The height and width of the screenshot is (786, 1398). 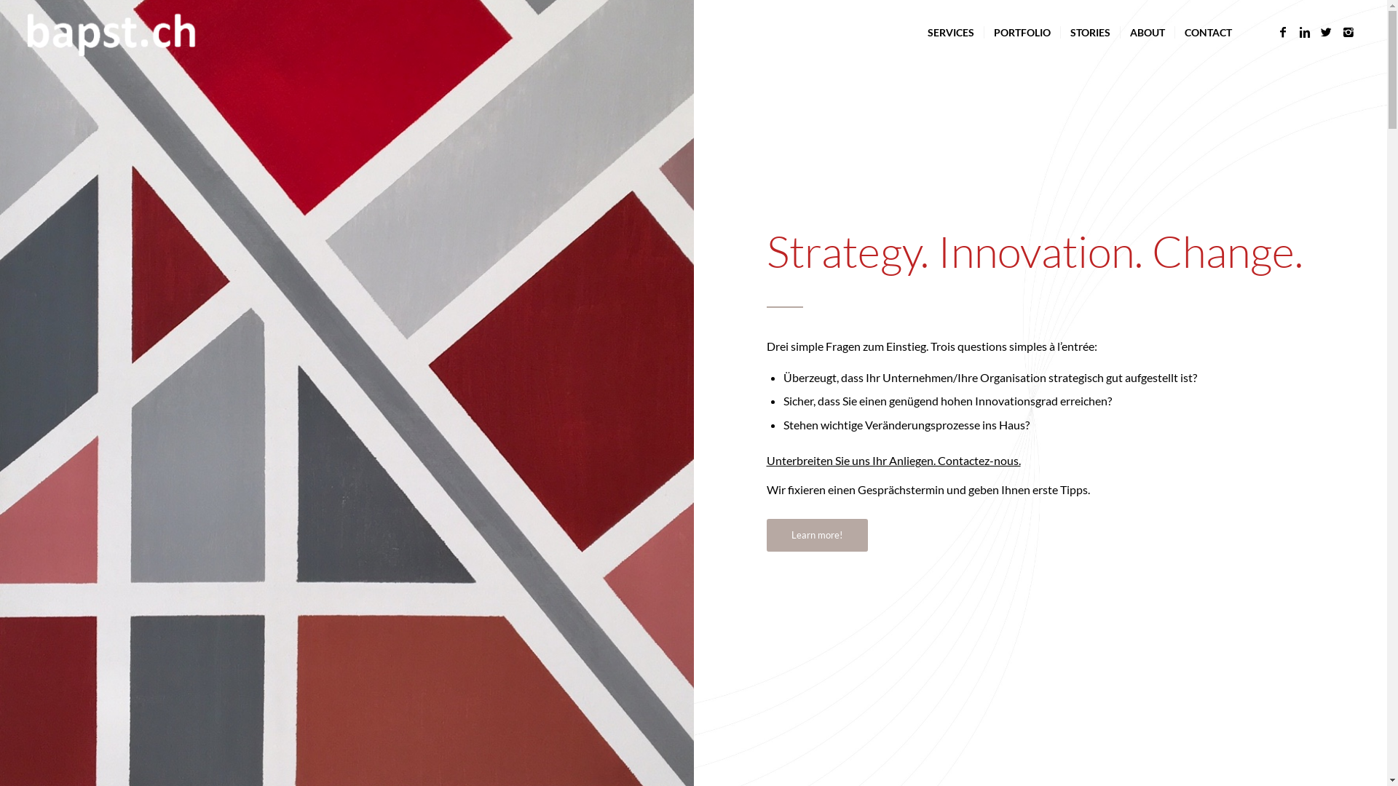 What do you see at coordinates (1174, 33) in the screenshot?
I see `'CONTACT'` at bounding box center [1174, 33].